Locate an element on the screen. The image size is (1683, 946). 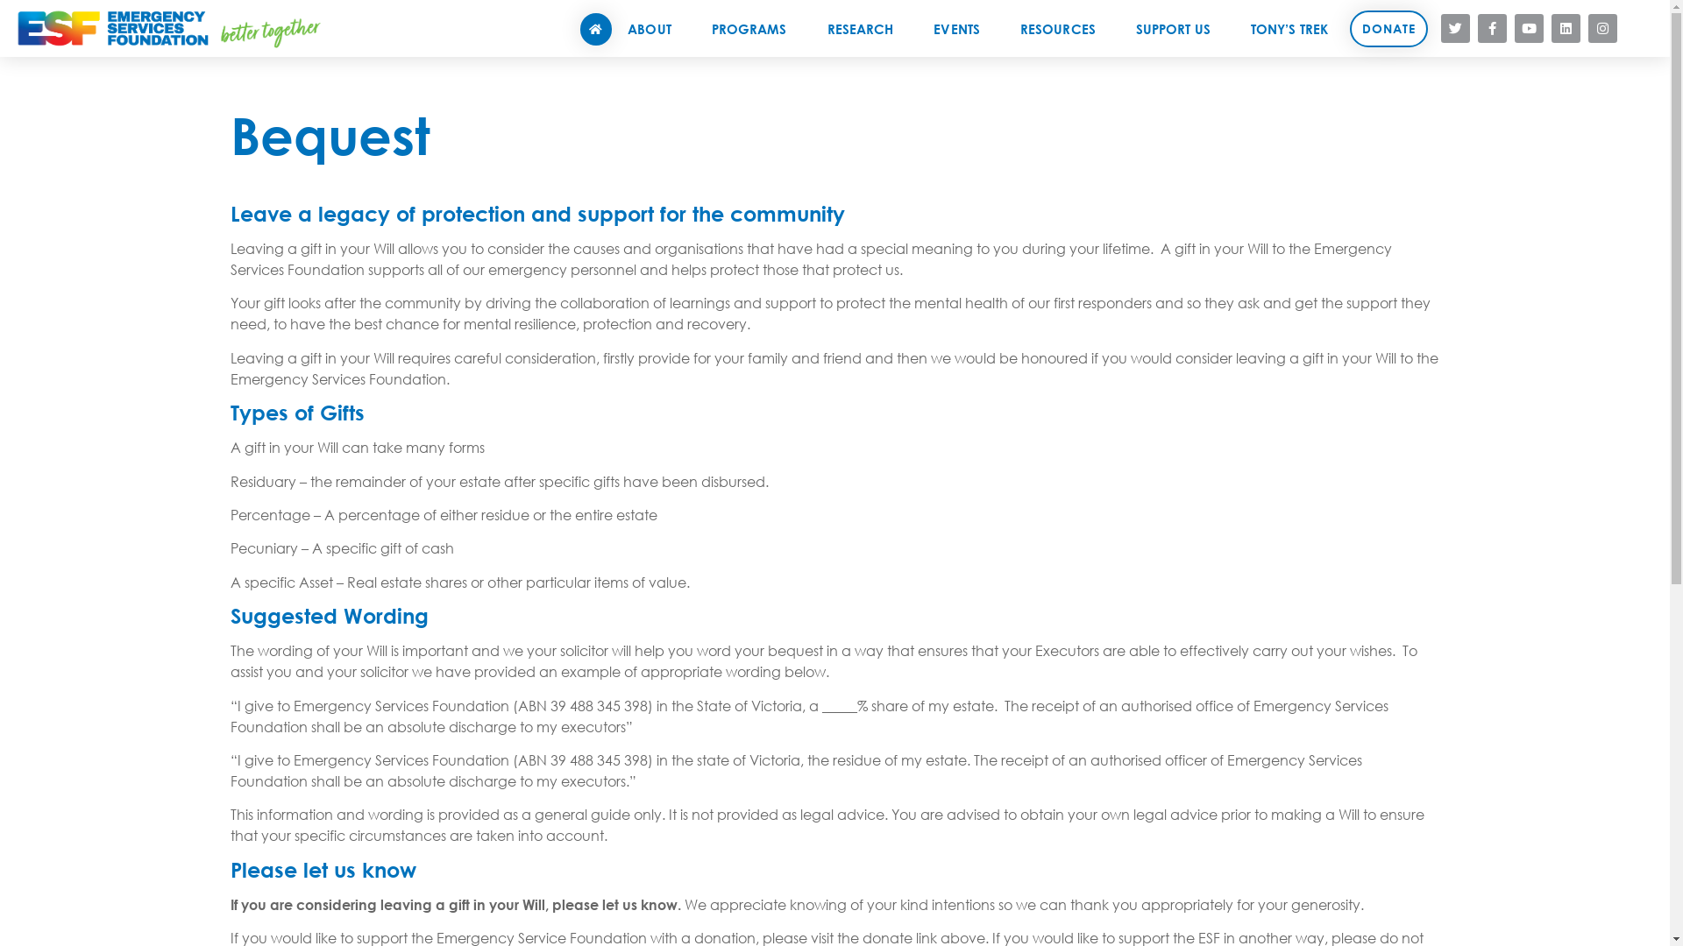
'RESOURCES' is located at coordinates (1061, 28).